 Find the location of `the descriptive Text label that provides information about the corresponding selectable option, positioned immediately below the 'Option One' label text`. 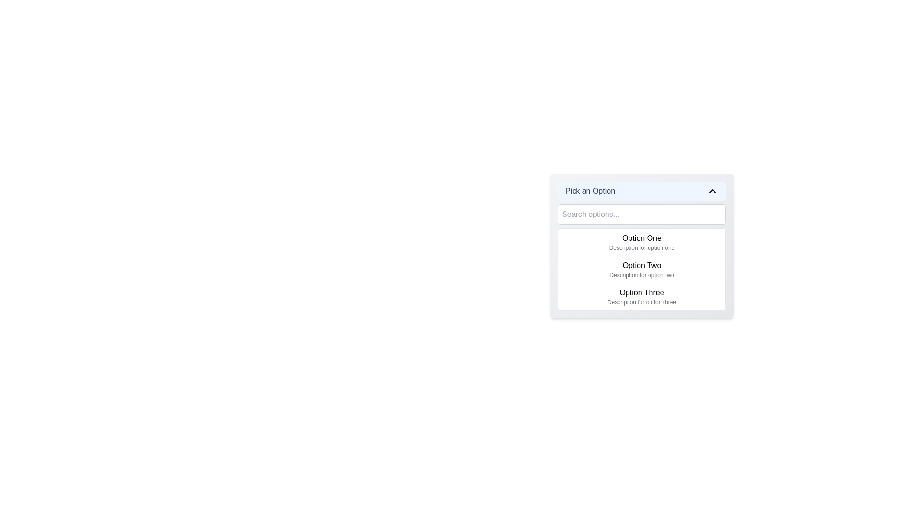

the descriptive Text label that provides information about the corresponding selectable option, positioned immediately below the 'Option One' label text is located at coordinates (642, 247).